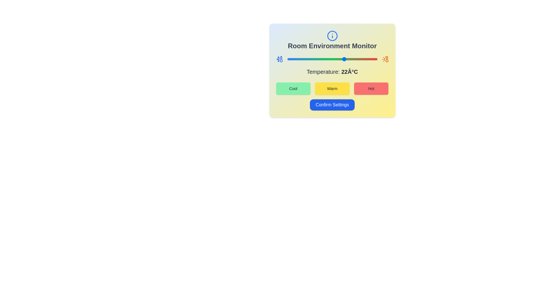  What do you see at coordinates (332, 36) in the screenshot?
I see `the informational icon to display additional details` at bounding box center [332, 36].